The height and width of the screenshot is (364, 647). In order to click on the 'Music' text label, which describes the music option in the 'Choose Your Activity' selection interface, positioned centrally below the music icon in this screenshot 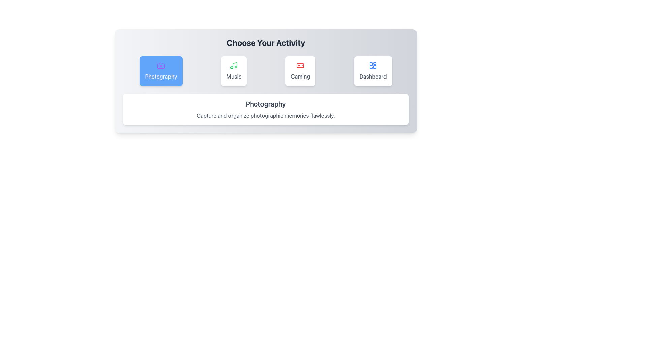, I will do `click(234, 76)`.